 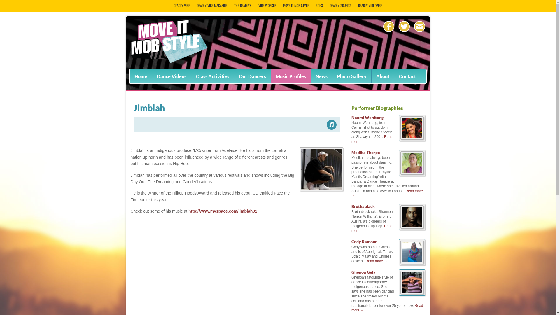 I want to click on 'Contact', so click(x=407, y=76).